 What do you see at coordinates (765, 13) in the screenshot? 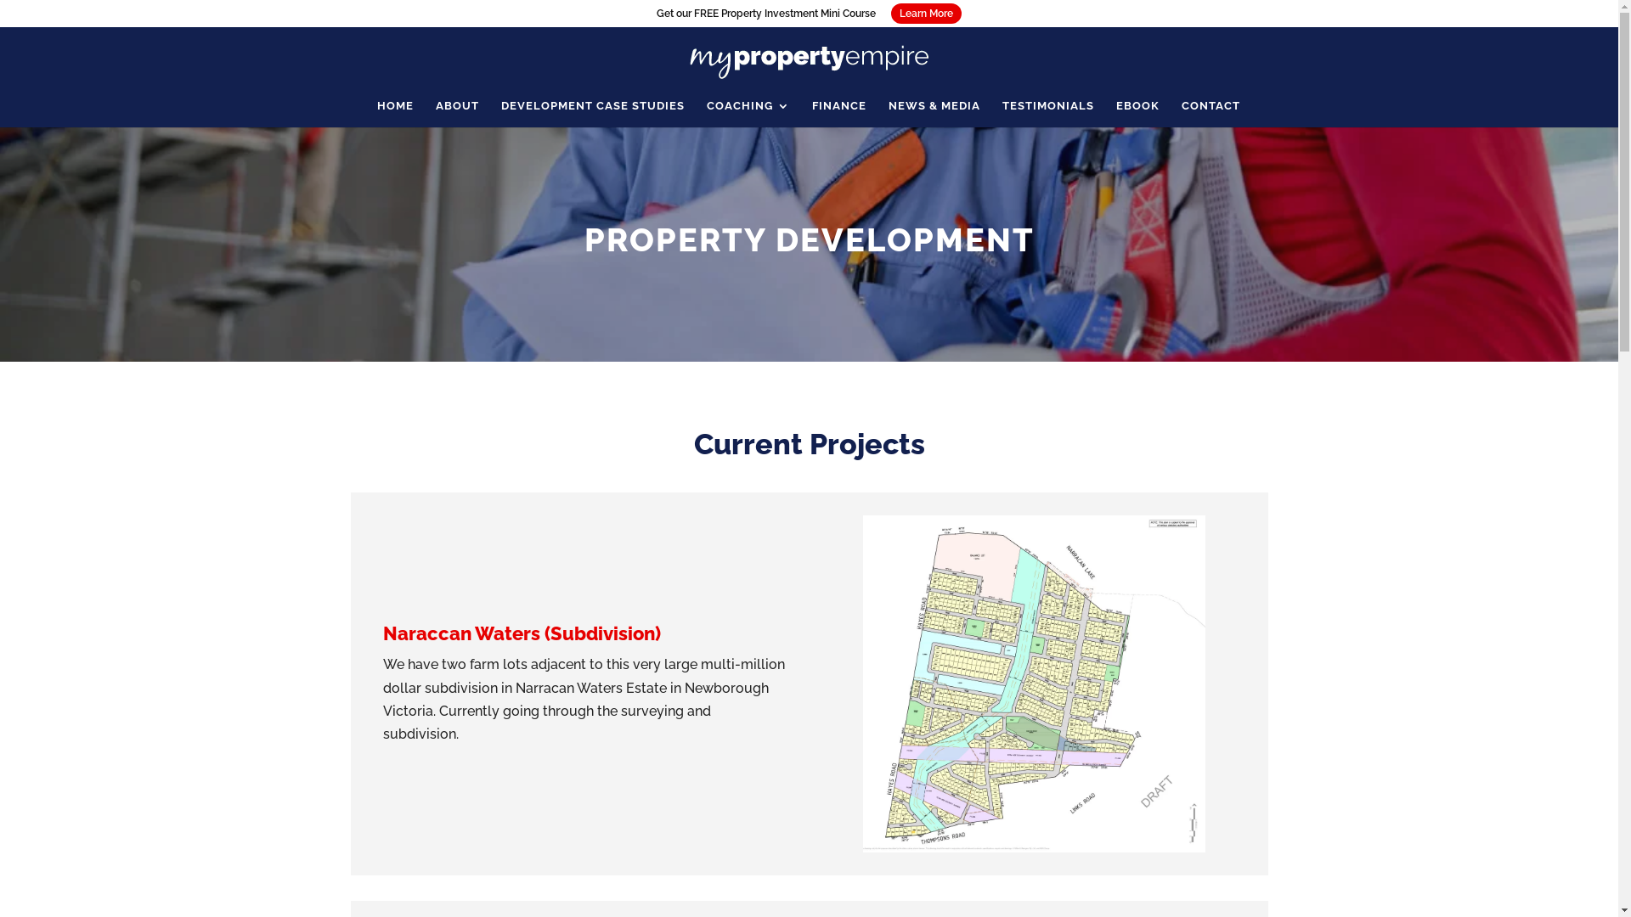
I see `'Get our FREE Property Investment Mini Course'` at bounding box center [765, 13].